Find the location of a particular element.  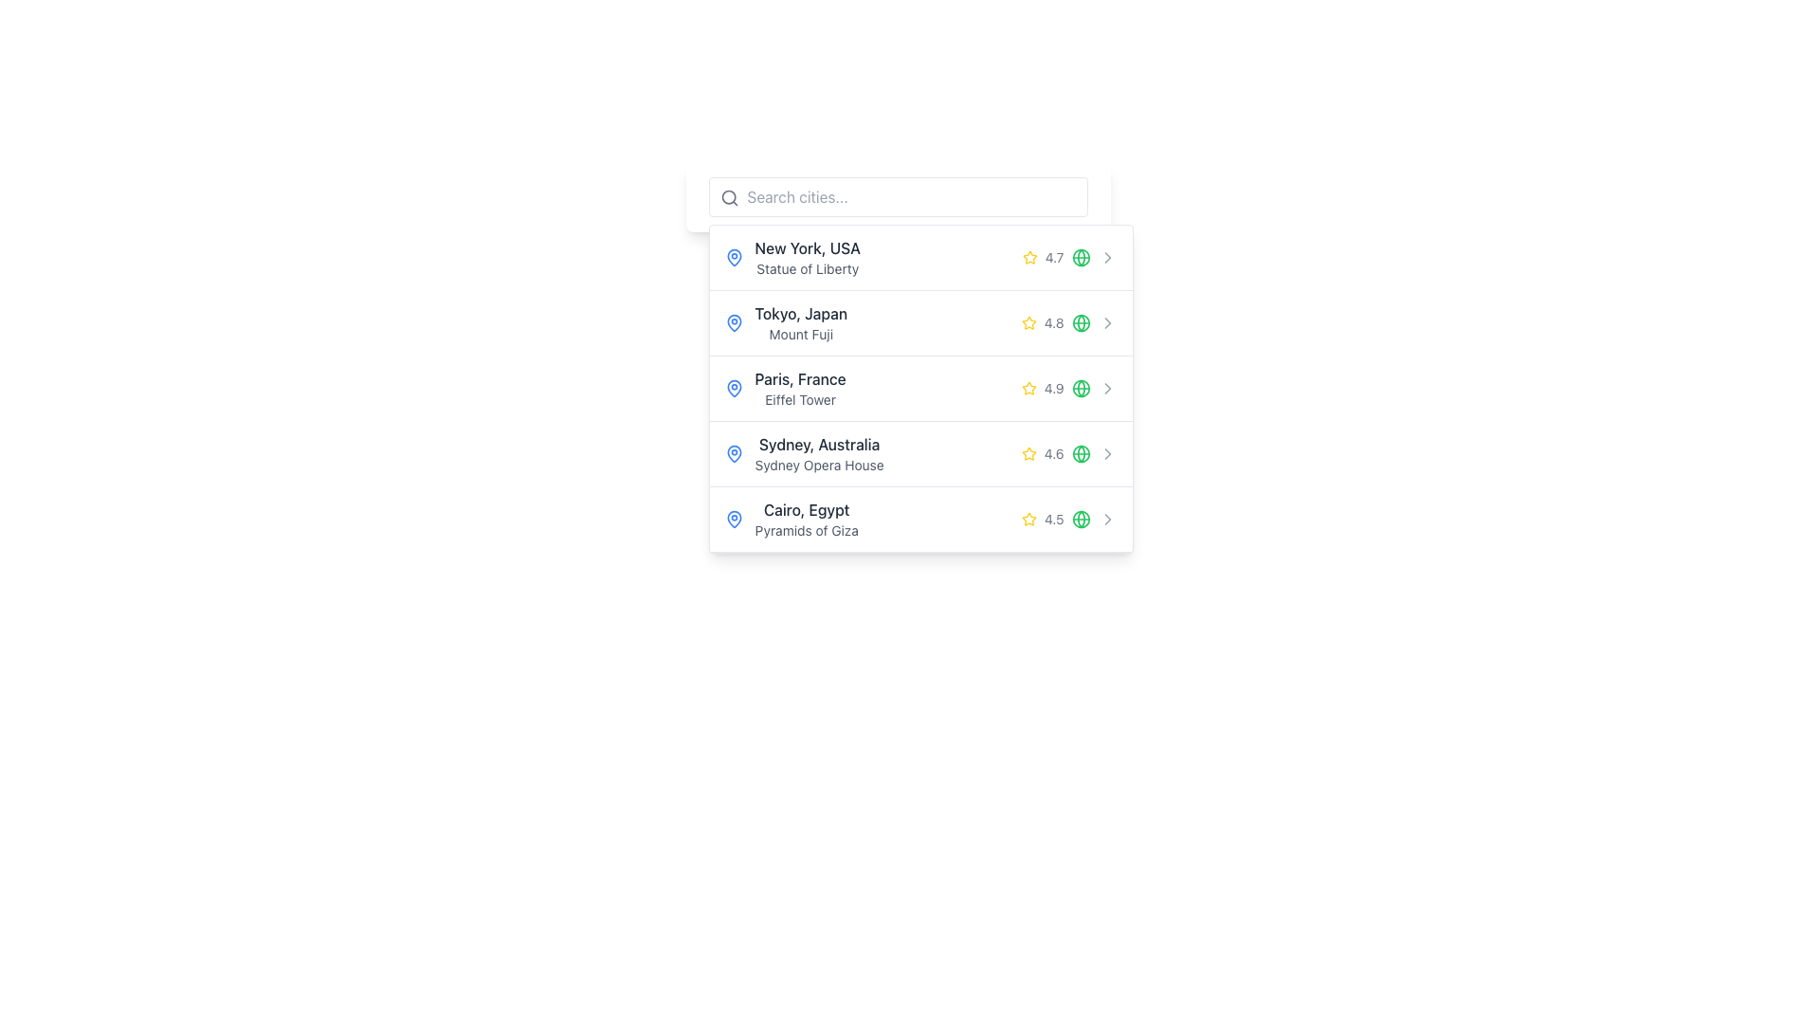

the green globe icon, which is located to the right of the 'New York, USA' list item in the suggestions dropdown is located at coordinates (1081, 258).